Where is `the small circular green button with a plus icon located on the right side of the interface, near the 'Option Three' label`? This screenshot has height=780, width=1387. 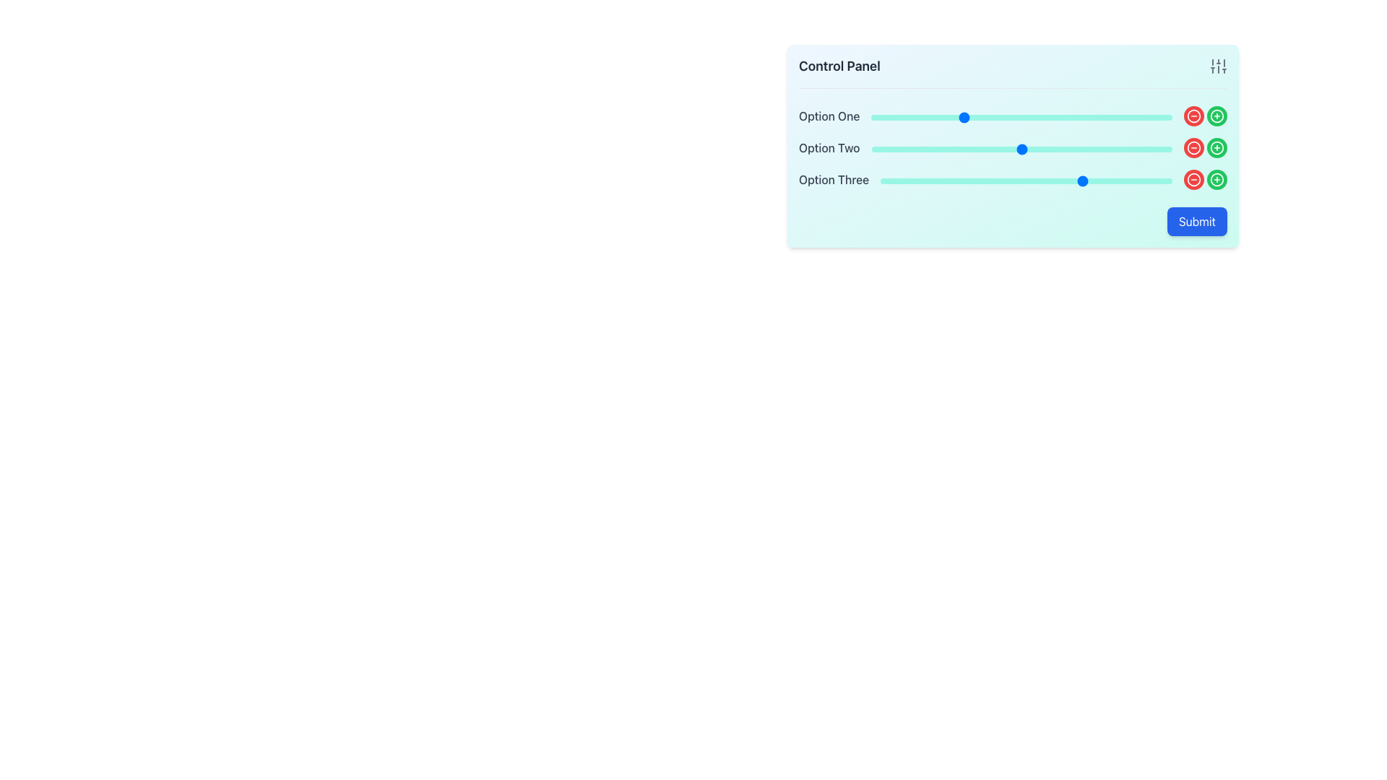
the small circular green button with a plus icon located on the right side of the interface, near the 'Option Three' label is located at coordinates (1216, 116).